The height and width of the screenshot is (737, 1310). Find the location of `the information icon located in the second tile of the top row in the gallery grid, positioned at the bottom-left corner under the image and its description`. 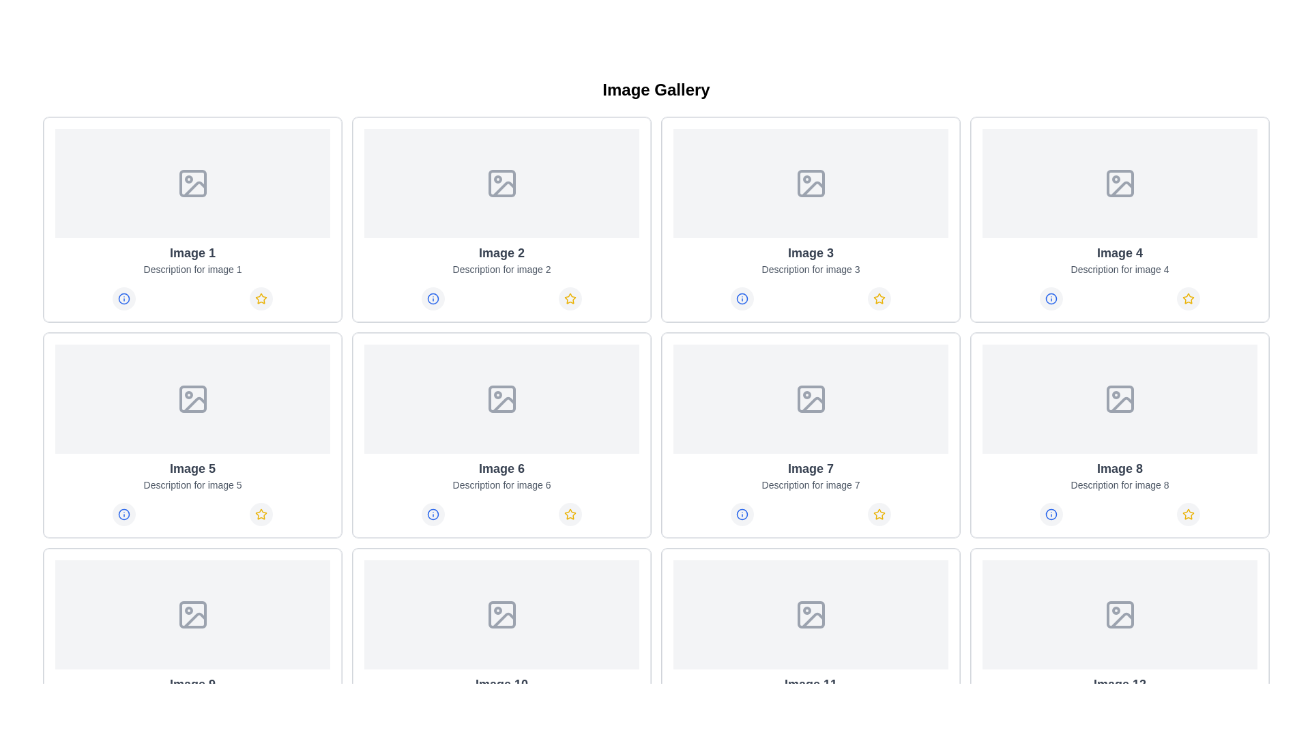

the information icon located in the second tile of the top row in the gallery grid, positioned at the bottom-left corner under the image and its description is located at coordinates (432, 298).